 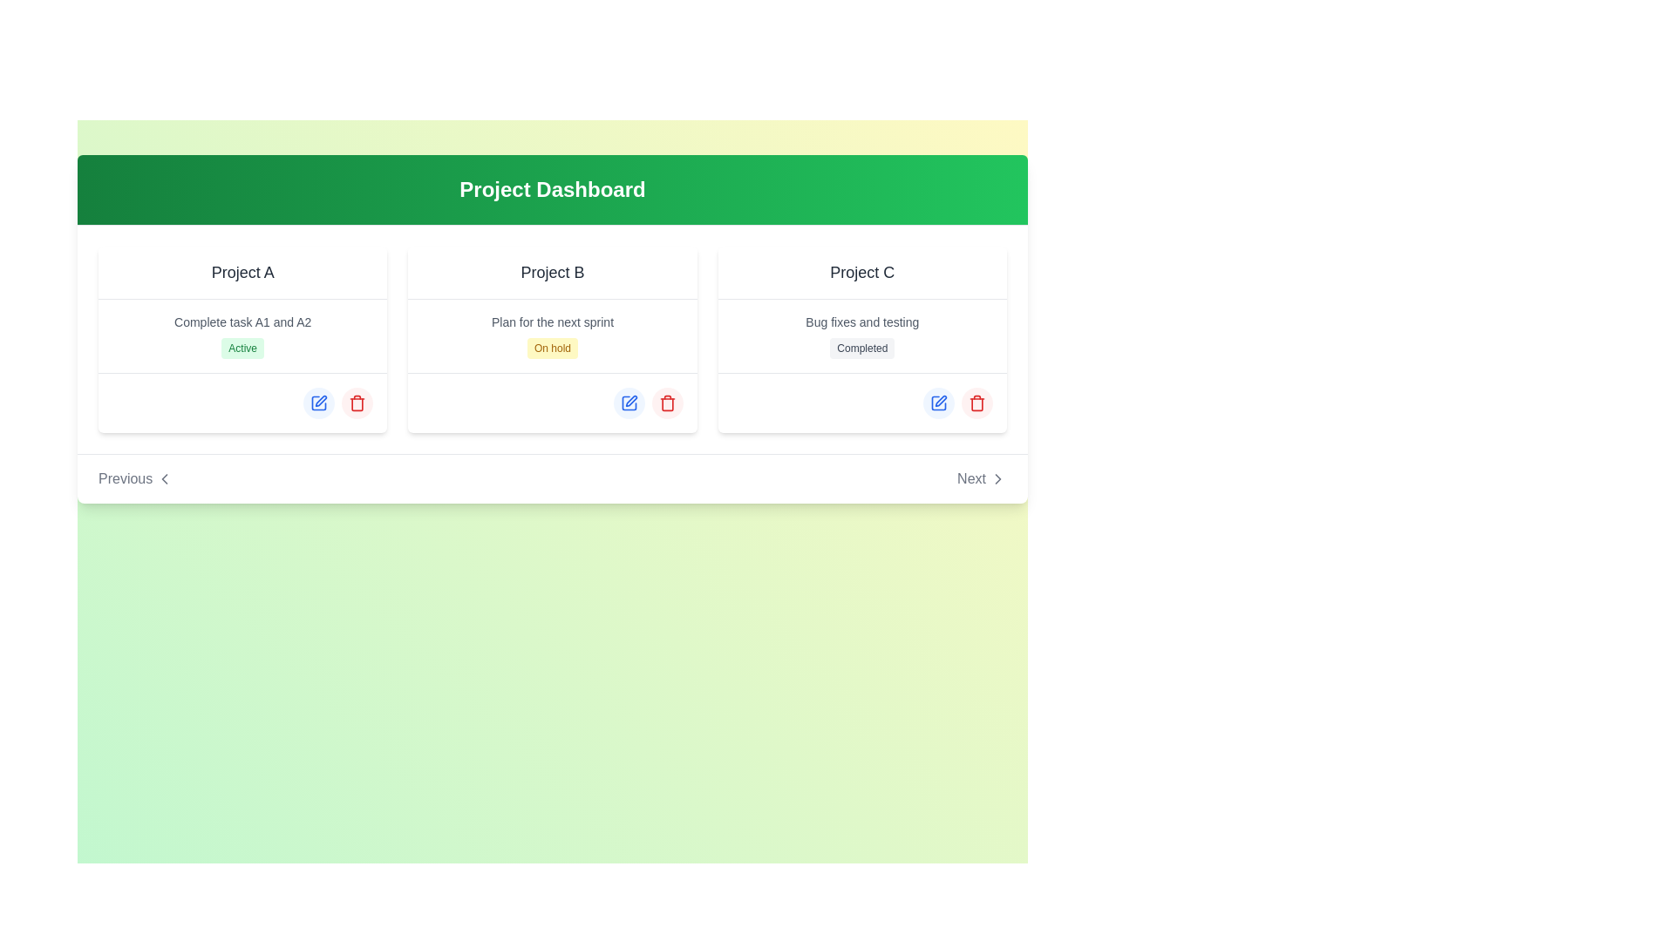 What do you see at coordinates (666, 403) in the screenshot?
I see `the circular trash button with a light red background located under the 'Project B' card in the 'Project Dashboard' section` at bounding box center [666, 403].